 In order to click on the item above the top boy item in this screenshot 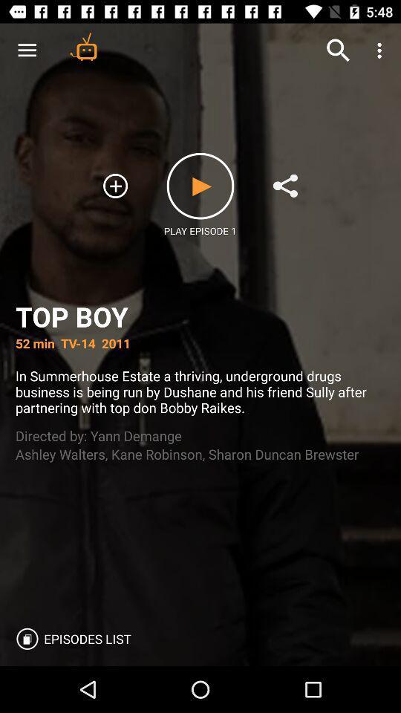, I will do `click(285, 185)`.